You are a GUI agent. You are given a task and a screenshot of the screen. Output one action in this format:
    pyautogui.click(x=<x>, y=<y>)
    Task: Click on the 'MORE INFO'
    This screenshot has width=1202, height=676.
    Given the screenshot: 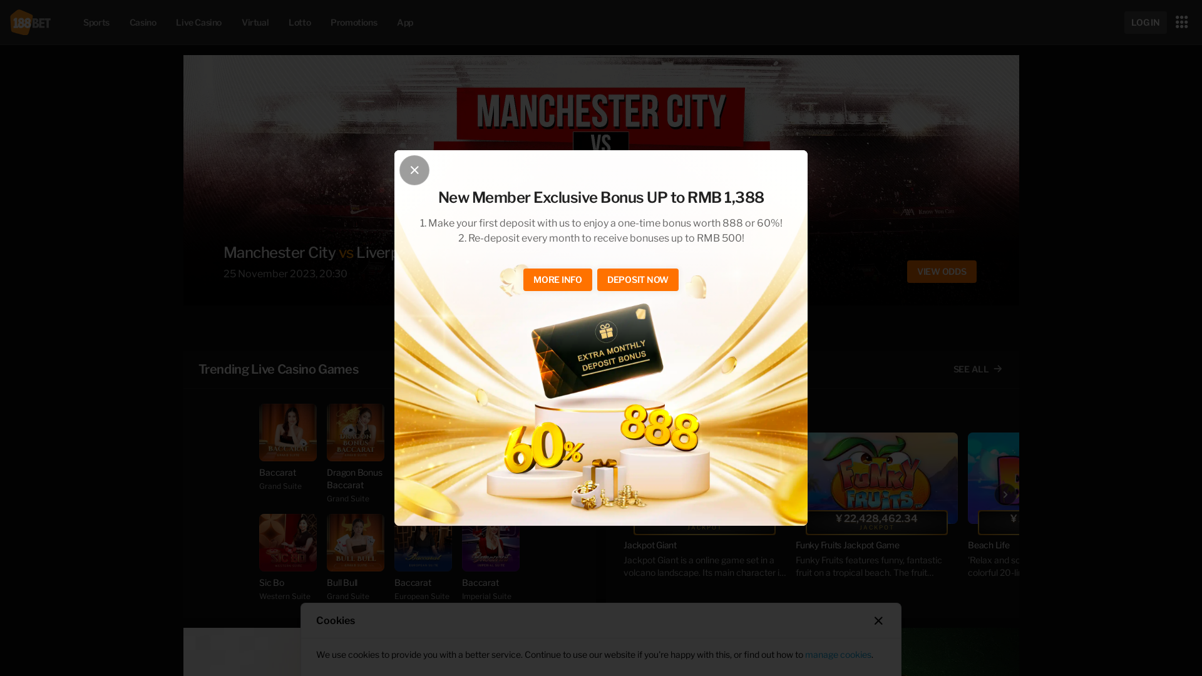 What is the action you would take?
    pyautogui.click(x=557, y=279)
    